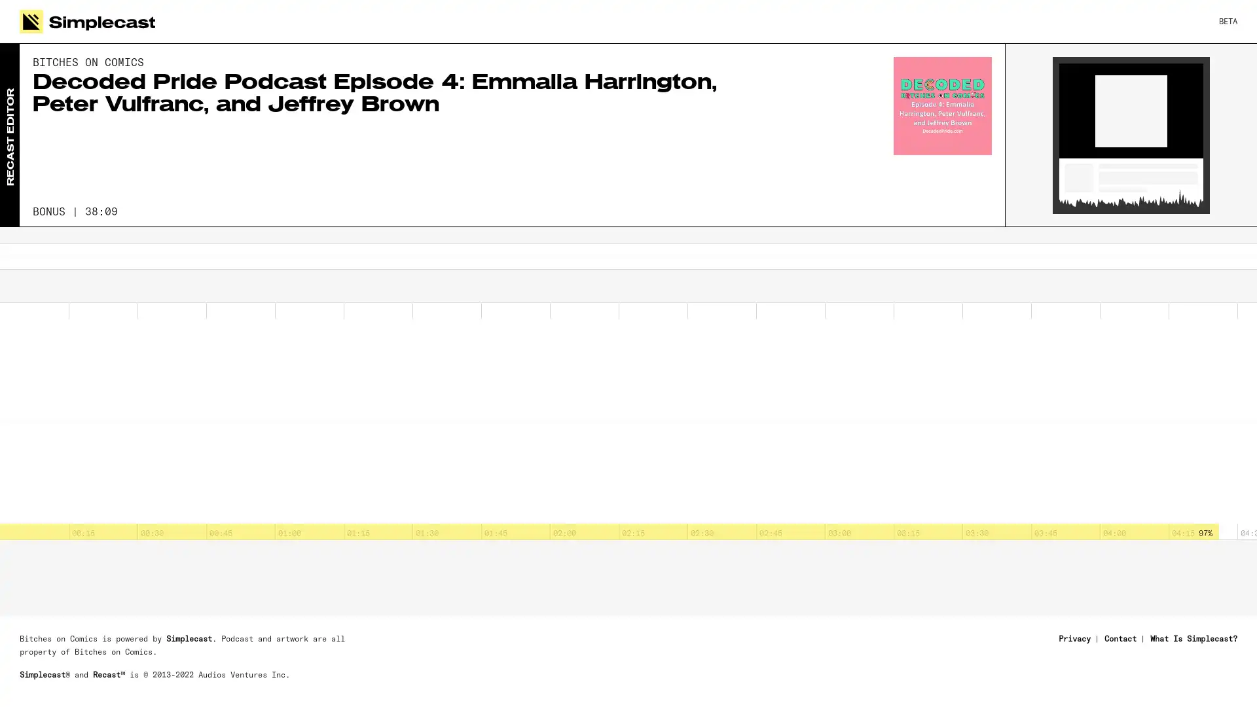 This screenshot has height=707, width=1257. I want to click on 60s, so click(67, 289).